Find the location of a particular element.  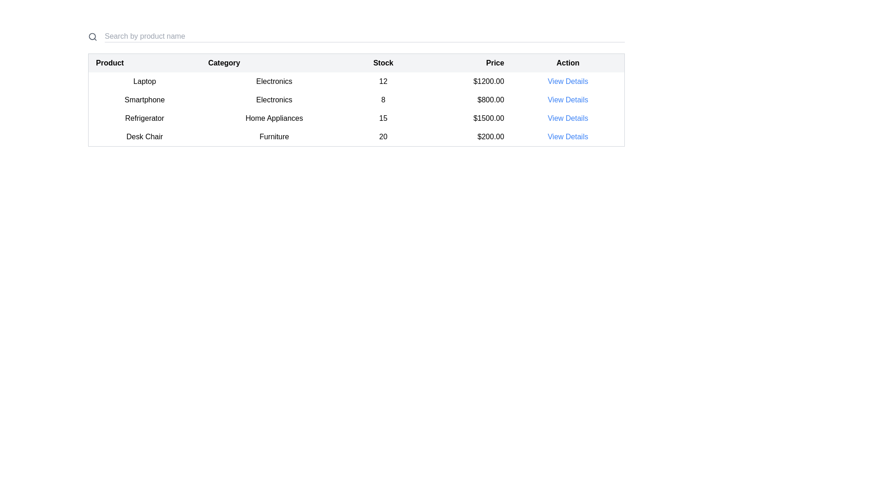

the 'View Details' hyperlink in the last row of the table under the 'Action' column is located at coordinates (568, 137).